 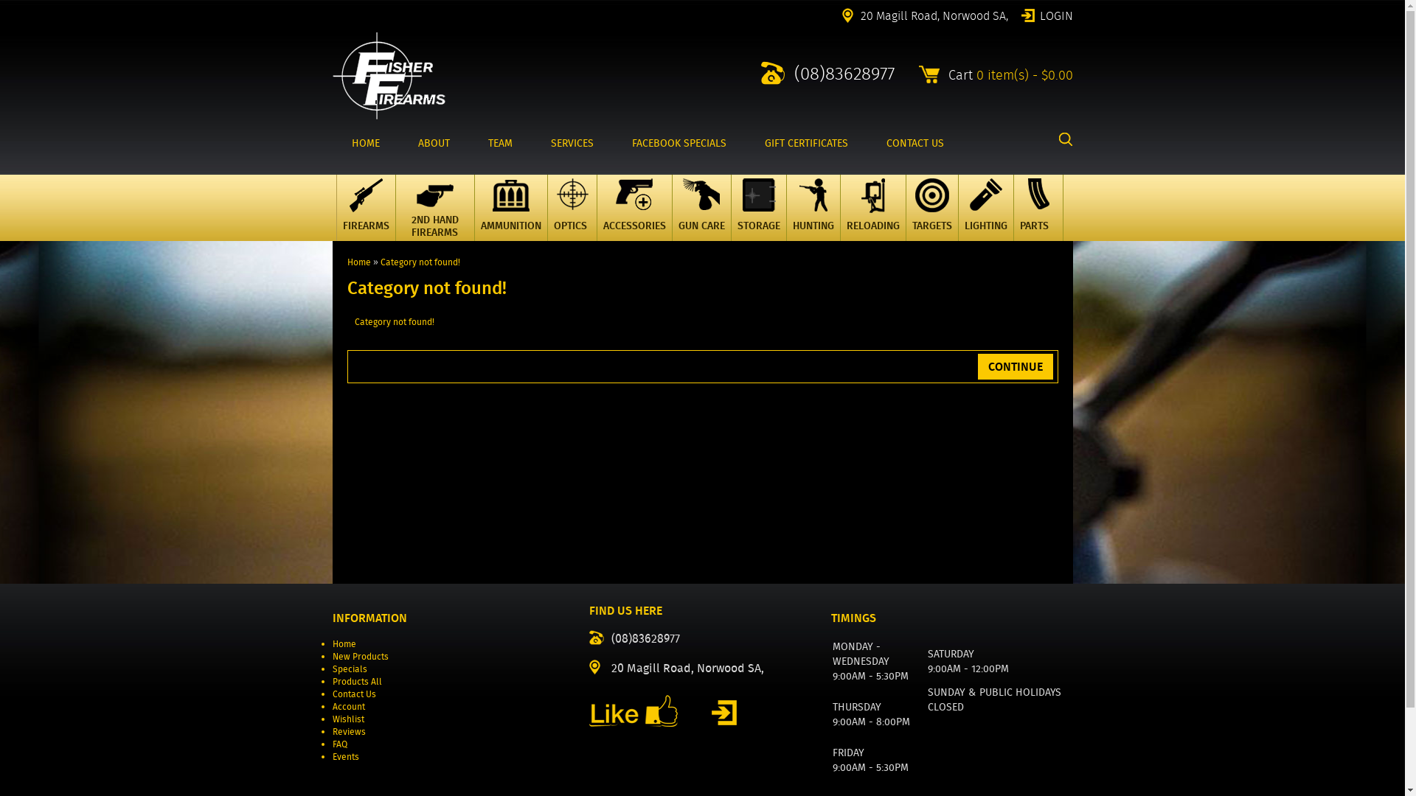 What do you see at coordinates (872, 217) in the screenshot?
I see `'Reloading'` at bounding box center [872, 217].